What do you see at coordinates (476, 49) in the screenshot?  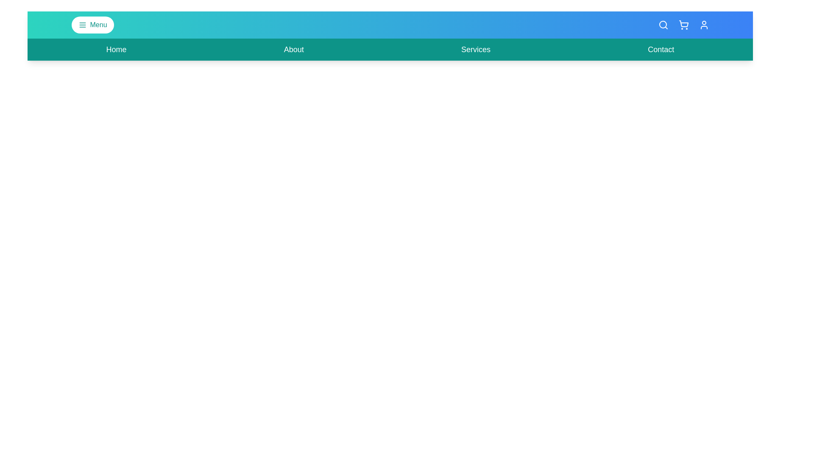 I see `the 'Services' navigation link` at bounding box center [476, 49].